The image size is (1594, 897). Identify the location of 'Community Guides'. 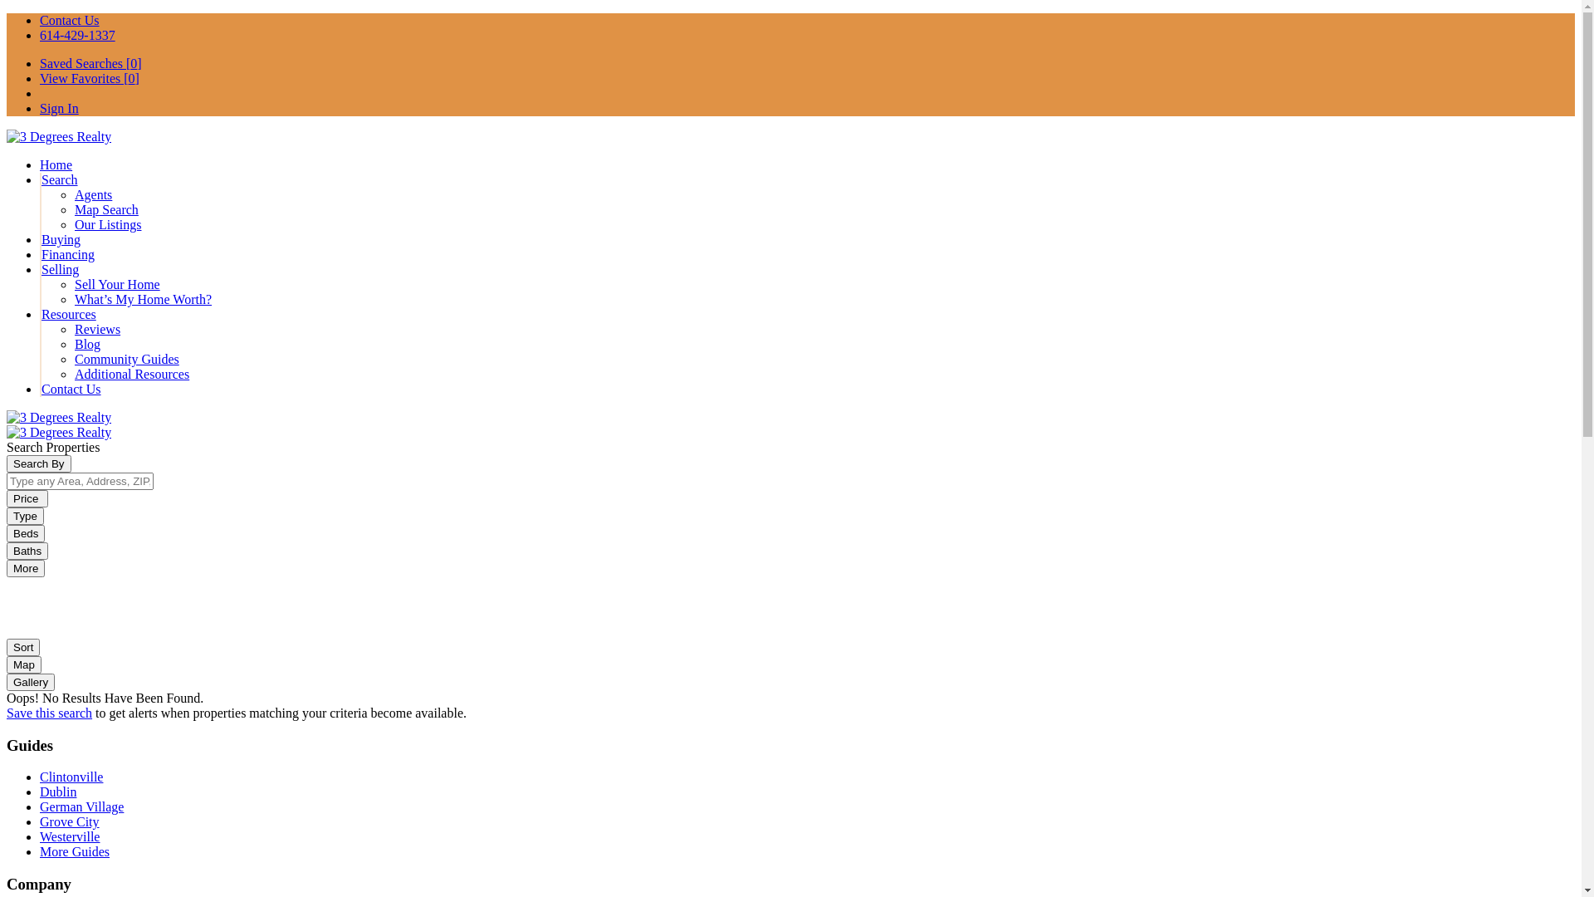
(74, 358).